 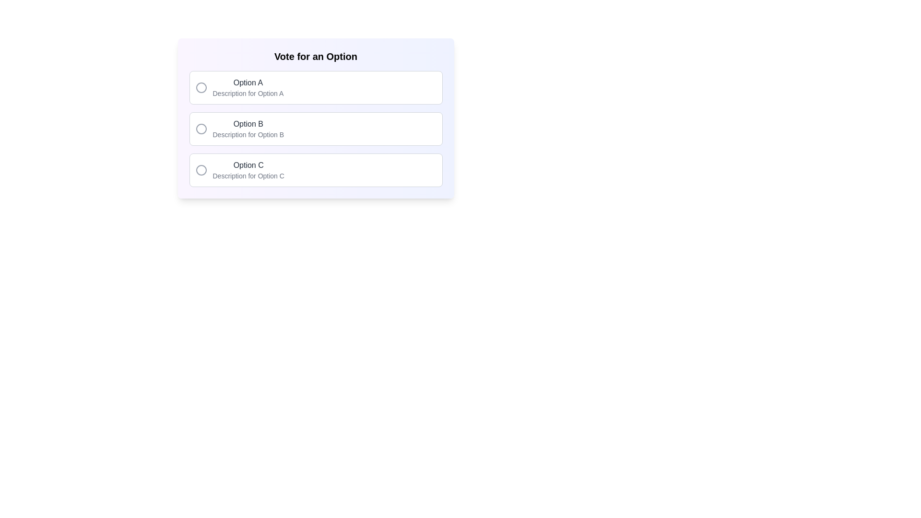 I want to click on the label for the third selectable option in the list of radio buttons, located below 'Option B', so click(x=248, y=165).